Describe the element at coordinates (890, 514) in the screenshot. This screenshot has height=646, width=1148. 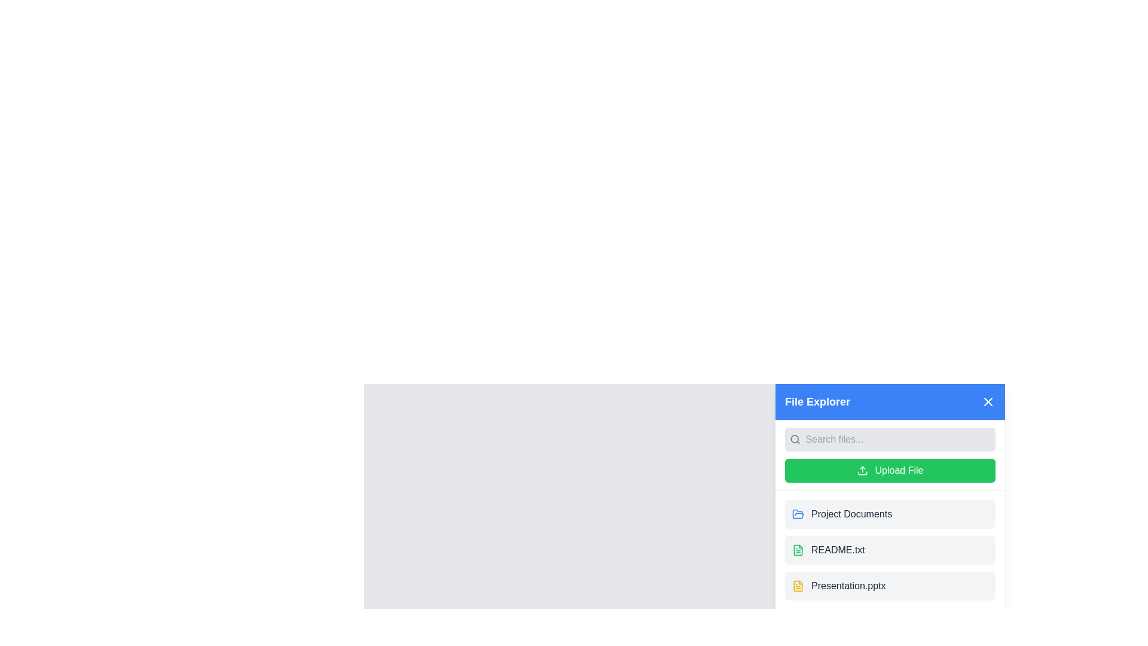
I see `the 'Project Documents' folder` at that location.